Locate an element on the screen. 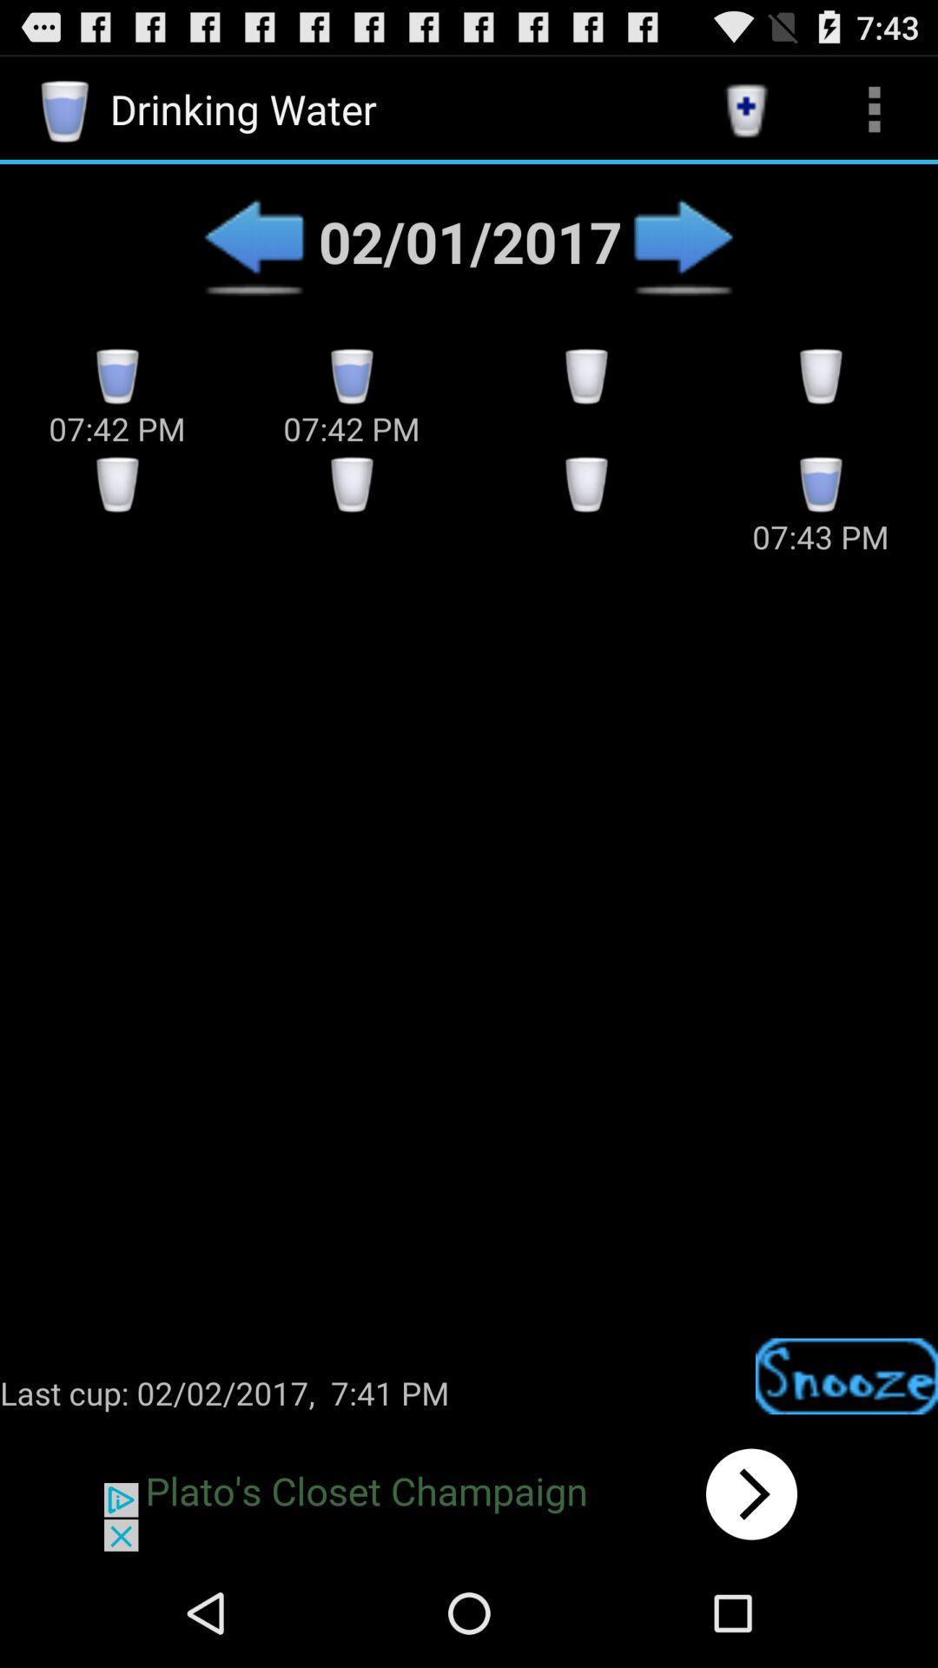 This screenshot has width=938, height=1668. next option is located at coordinates (682, 241).